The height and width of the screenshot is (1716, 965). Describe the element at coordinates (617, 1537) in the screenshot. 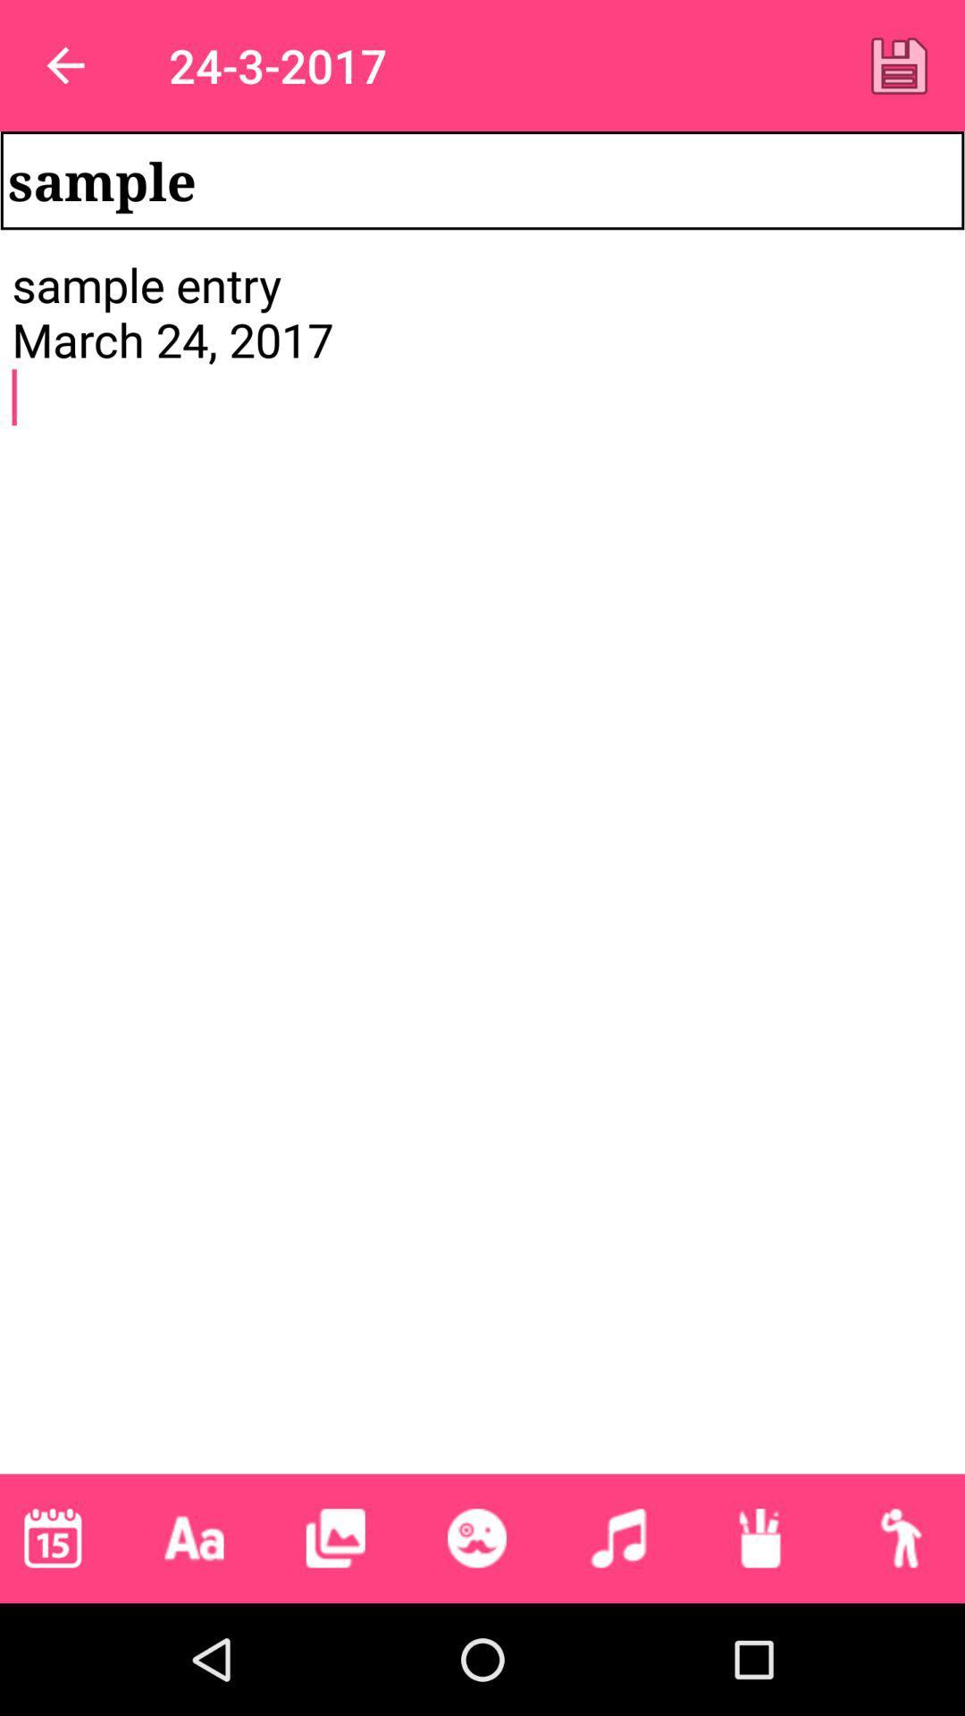

I see `the music button` at that location.